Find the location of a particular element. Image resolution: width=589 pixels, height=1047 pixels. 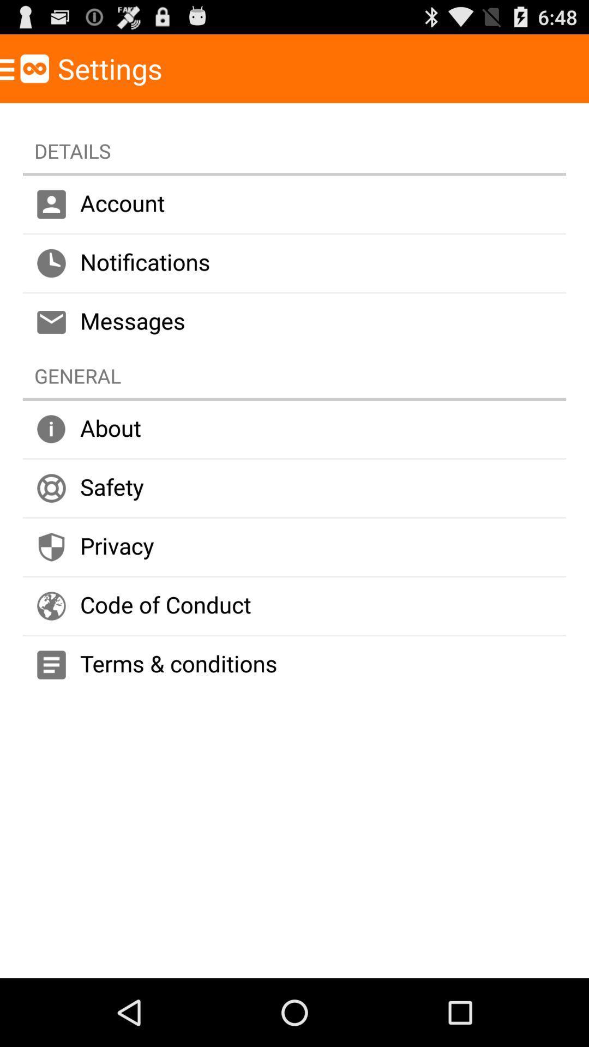

the icon below the account is located at coordinates (294, 263).